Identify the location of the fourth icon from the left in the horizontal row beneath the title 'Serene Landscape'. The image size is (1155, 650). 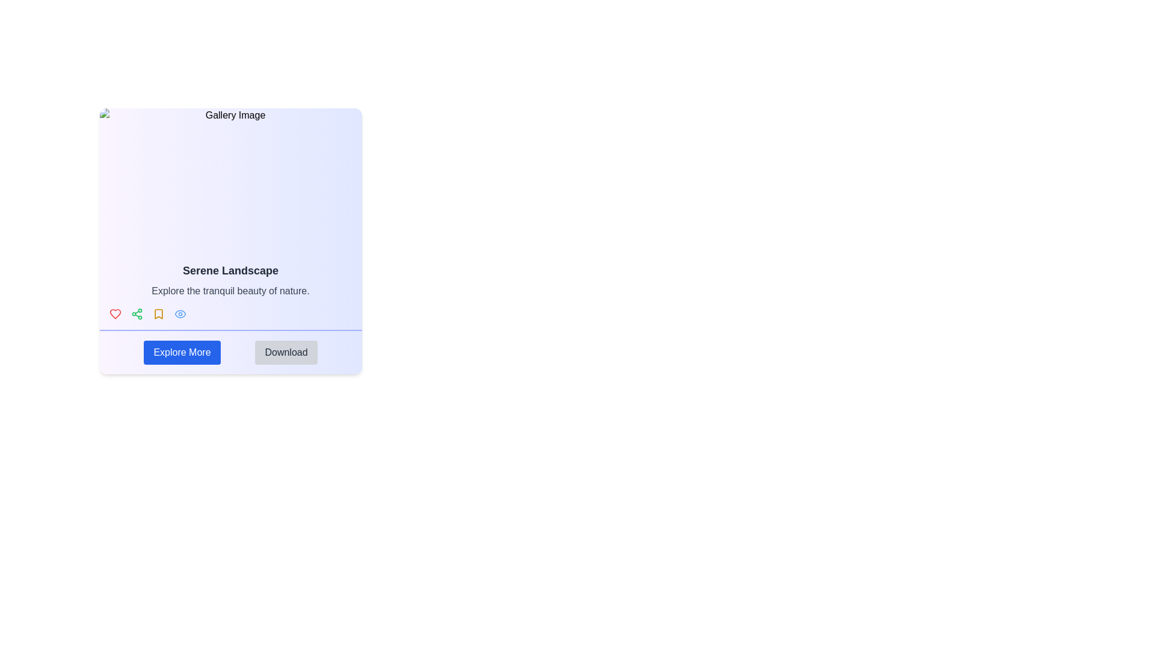
(158, 313).